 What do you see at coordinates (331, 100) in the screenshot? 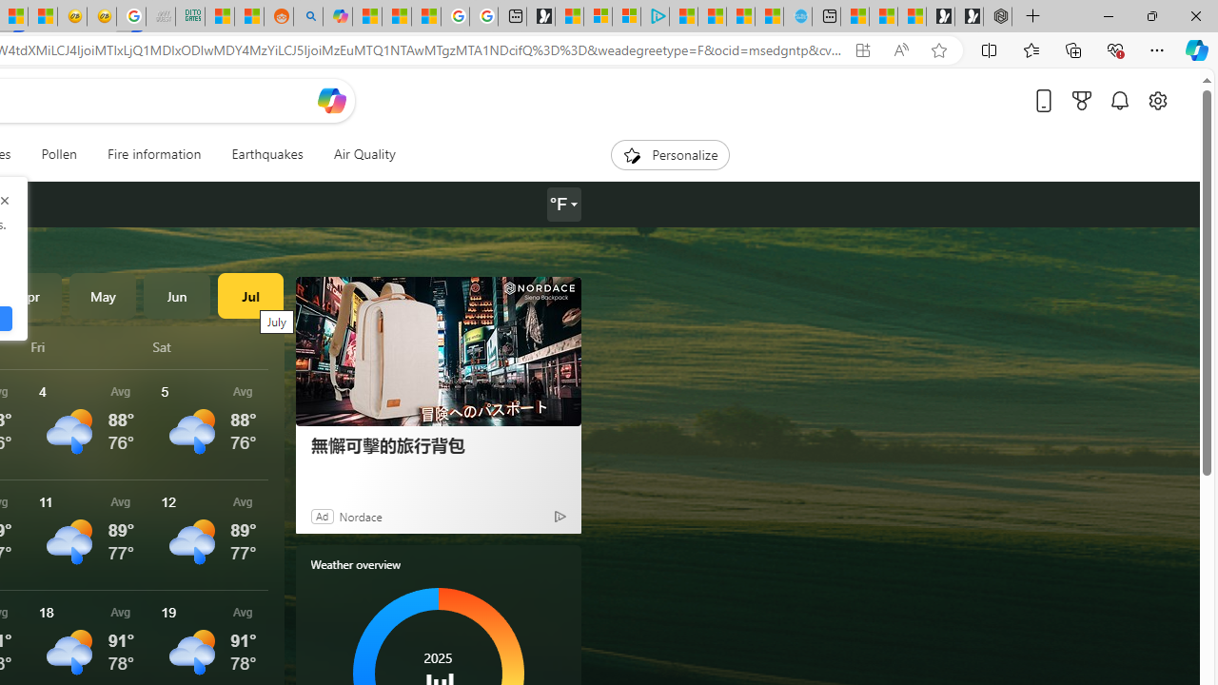
I see `'Open Copilot'` at bounding box center [331, 100].